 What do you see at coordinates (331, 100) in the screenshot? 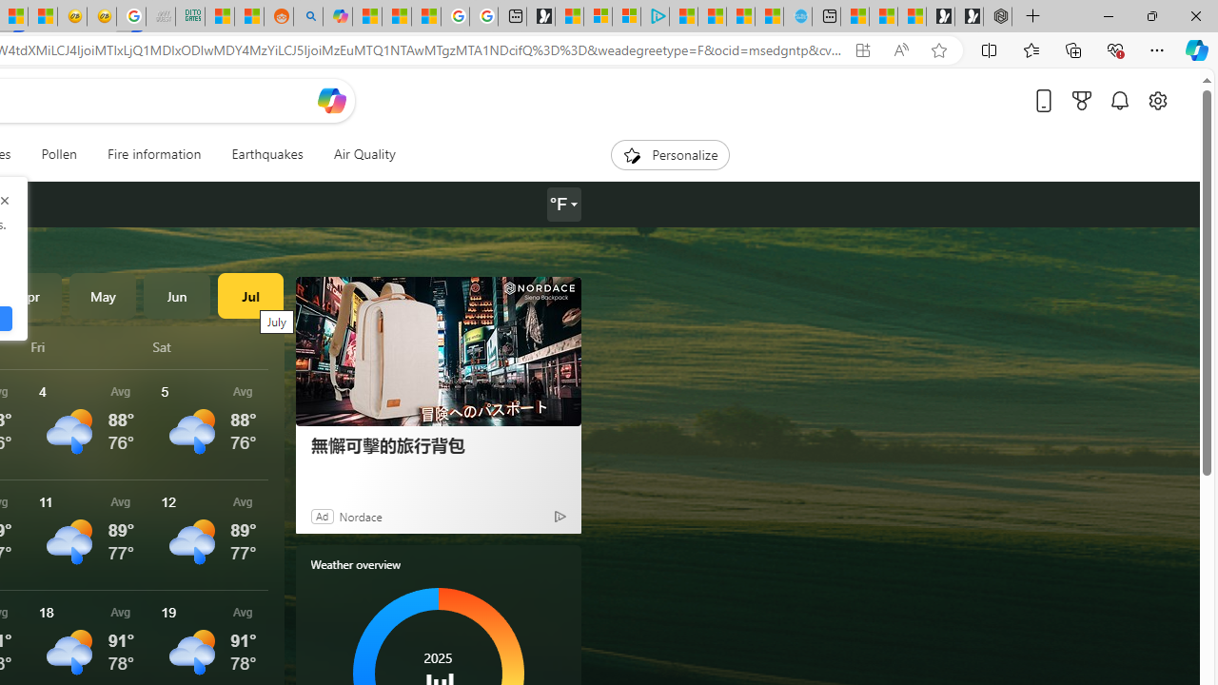
I see `'Open Copilot'` at bounding box center [331, 100].